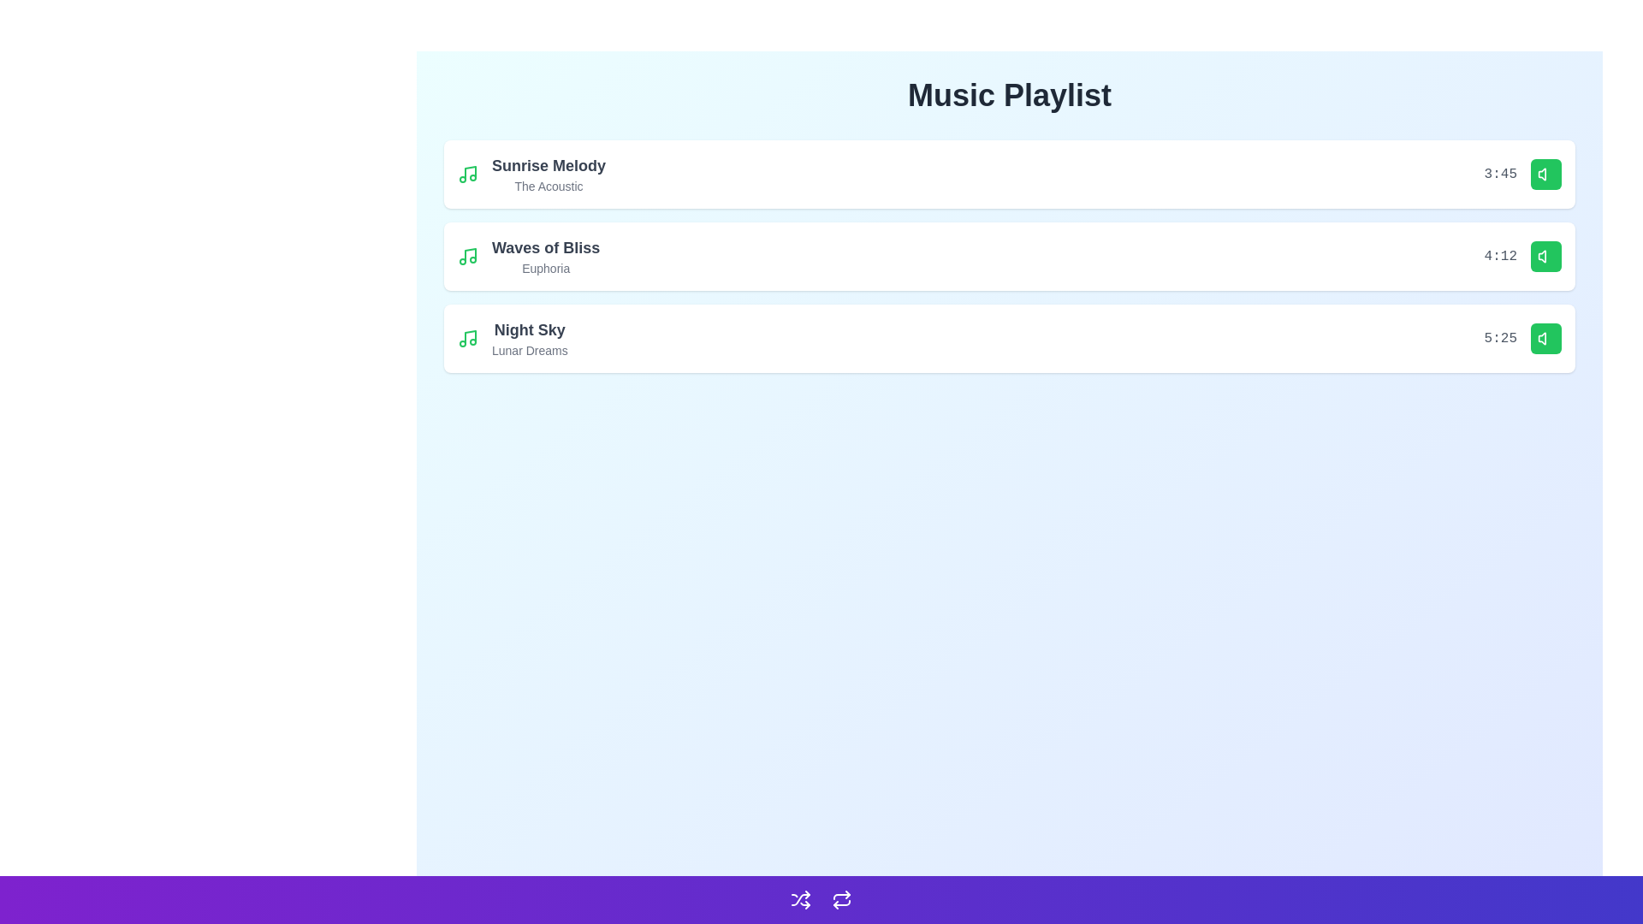 The height and width of the screenshot is (924, 1643). Describe the element at coordinates (512, 339) in the screenshot. I see `the text label displaying the song title 'Night Sky' and subtitle 'Lunar Dreams', which is the third item in the music playlist interface` at that location.